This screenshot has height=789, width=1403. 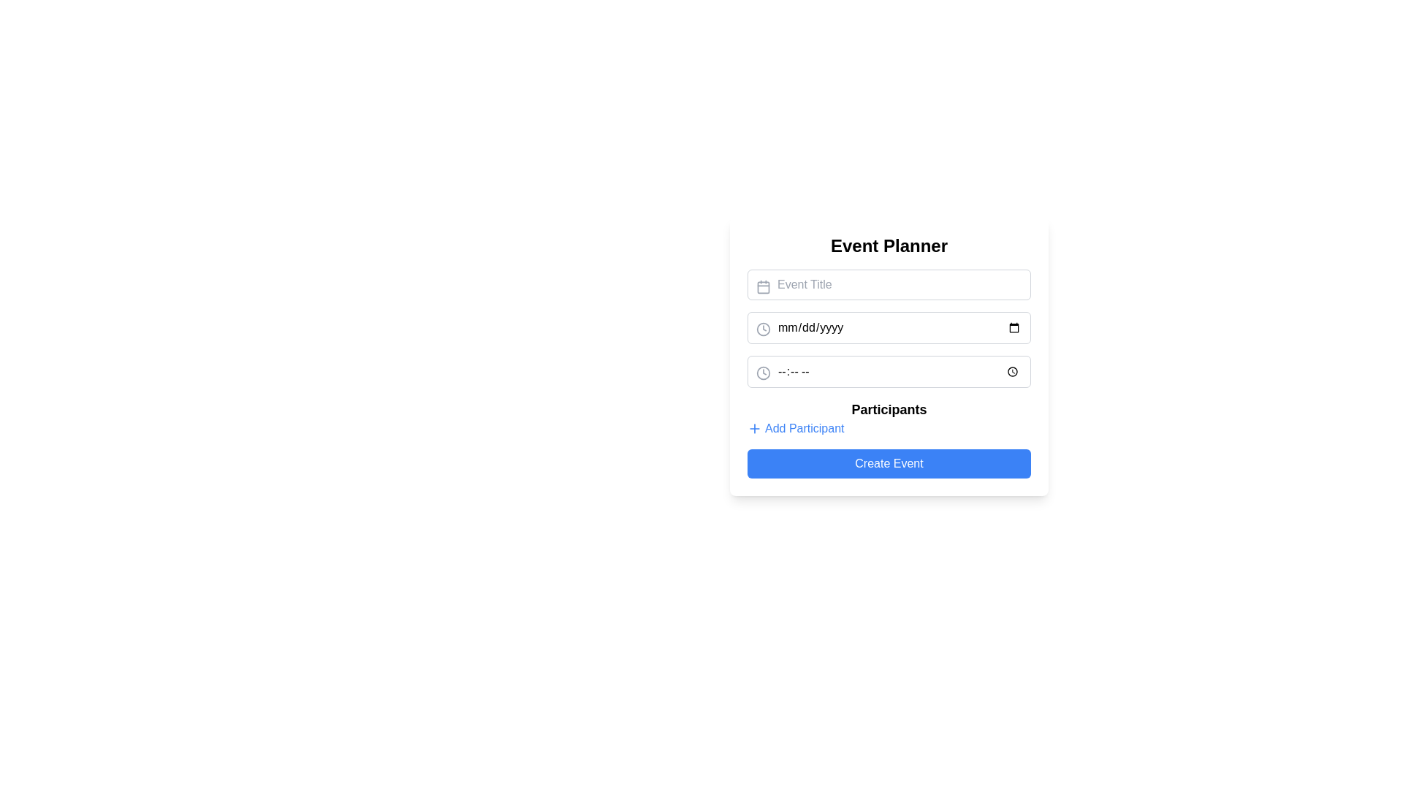 I want to click on the 'Add Participants' button located under the 'Participants' section, positioned above the 'Create Event' button, so click(x=795, y=427).